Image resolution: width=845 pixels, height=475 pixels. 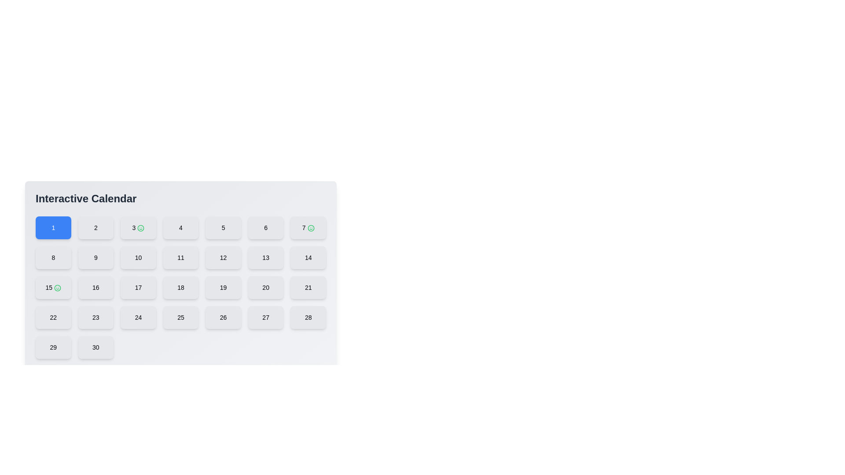 I want to click on the 'Interactive Calendar' static text heading, which is prominently displayed in a bold, large font at the top of the interface against a light gray background, so click(x=86, y=198).